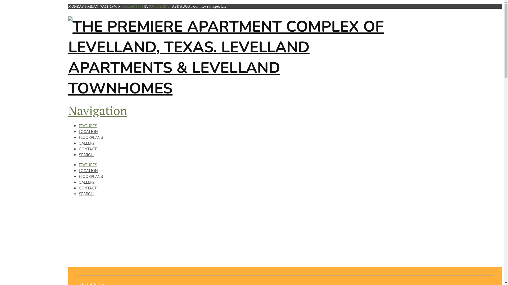 This screenshot has height=285, width=508. I want to click on 'GALLERY', so click(78, 141).